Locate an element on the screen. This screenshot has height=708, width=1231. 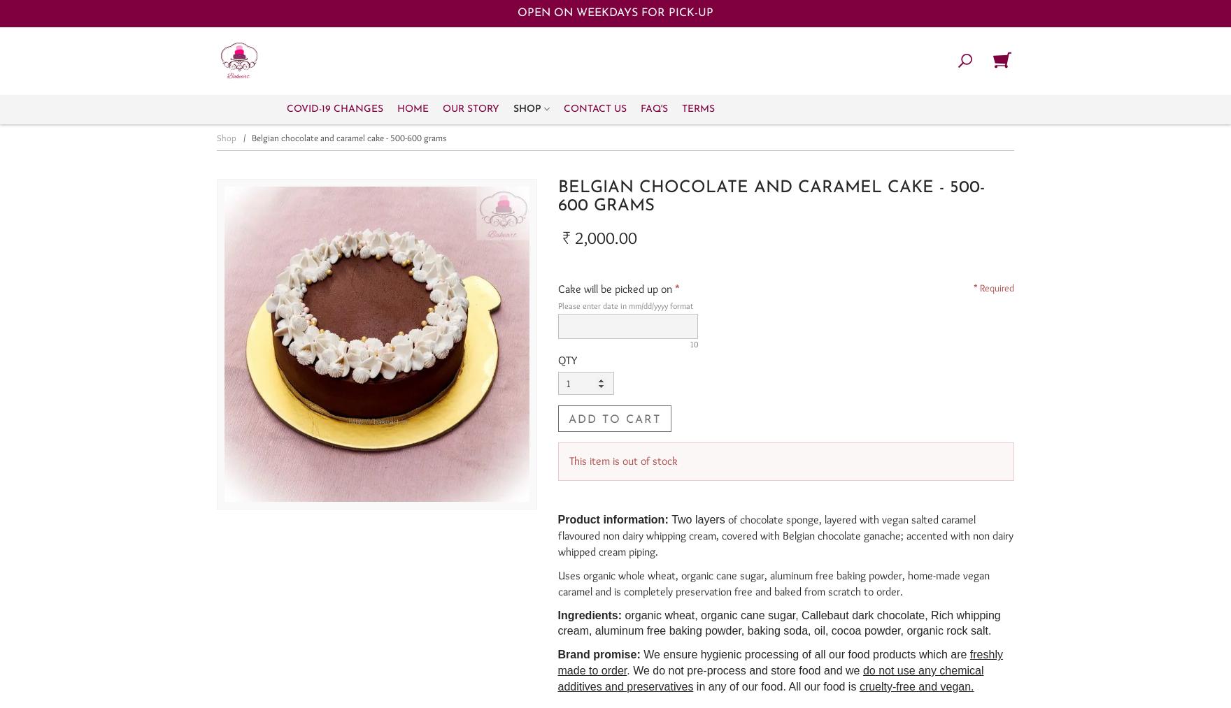
'Two layers' is located at coordinates (697, 519).